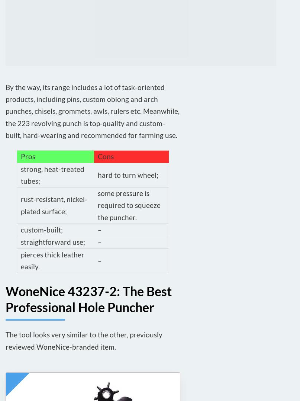 The width and height of the screenshot is (300, 401). I want to click on 'rust-resistant, nickel-plated surface;', so click(54, 205).